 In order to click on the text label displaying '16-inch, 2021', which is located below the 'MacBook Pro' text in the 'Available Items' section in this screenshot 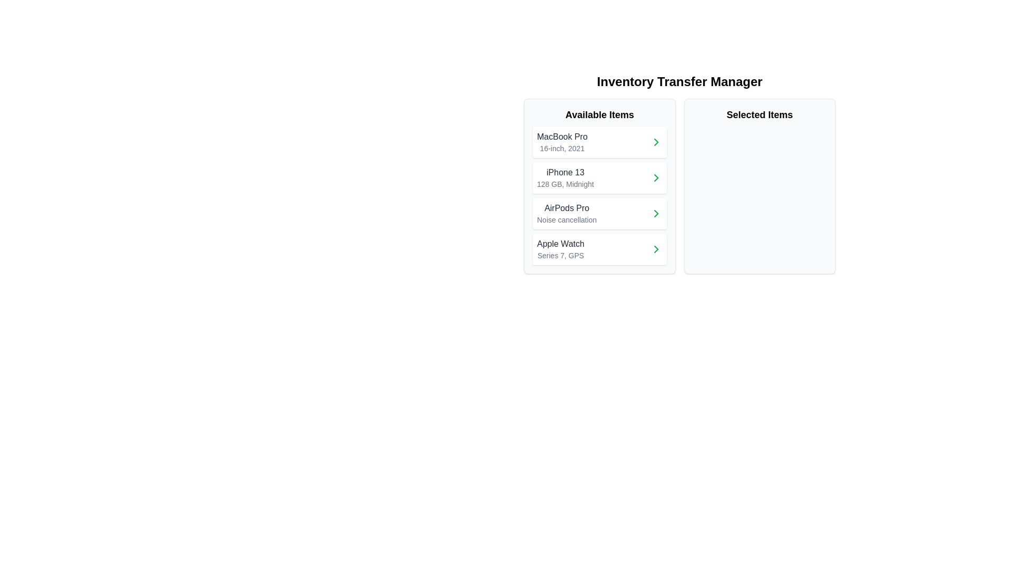, I will do `click(562, 148)`.